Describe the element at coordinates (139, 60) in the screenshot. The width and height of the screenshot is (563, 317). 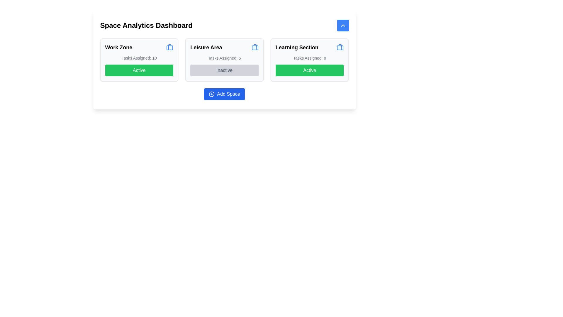
I see `the first informational card in the grid that displays the number of tasks assigned and its current active status, which has a green button labeled 'Active'` at that location.